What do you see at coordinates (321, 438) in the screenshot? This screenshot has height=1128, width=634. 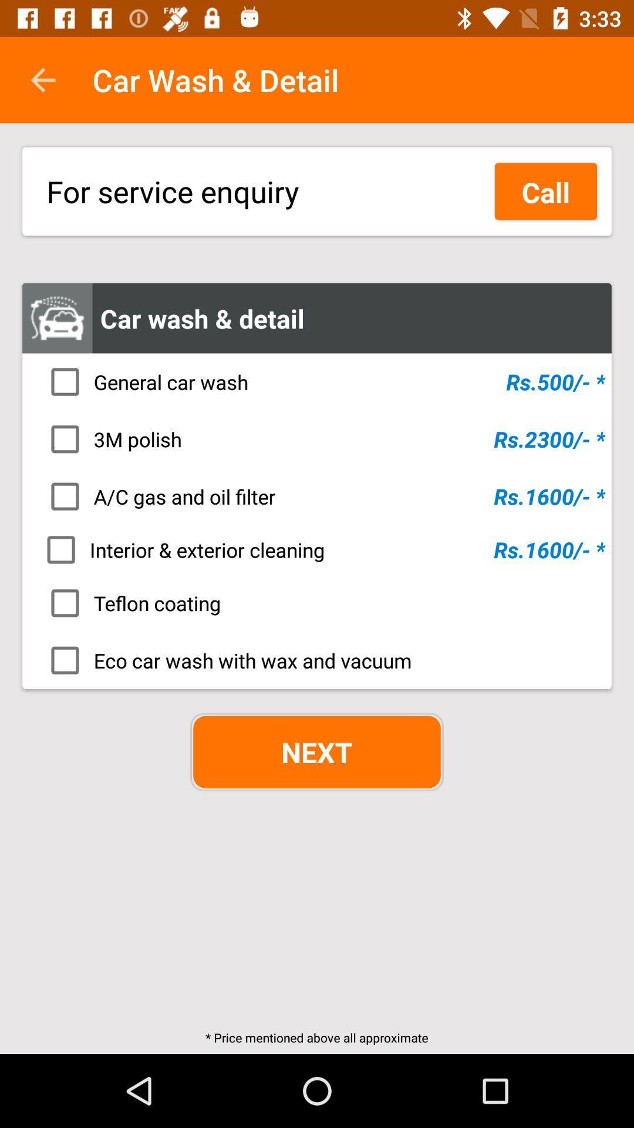 I see `the 3m polish icon` at bounding box center [321, 438].